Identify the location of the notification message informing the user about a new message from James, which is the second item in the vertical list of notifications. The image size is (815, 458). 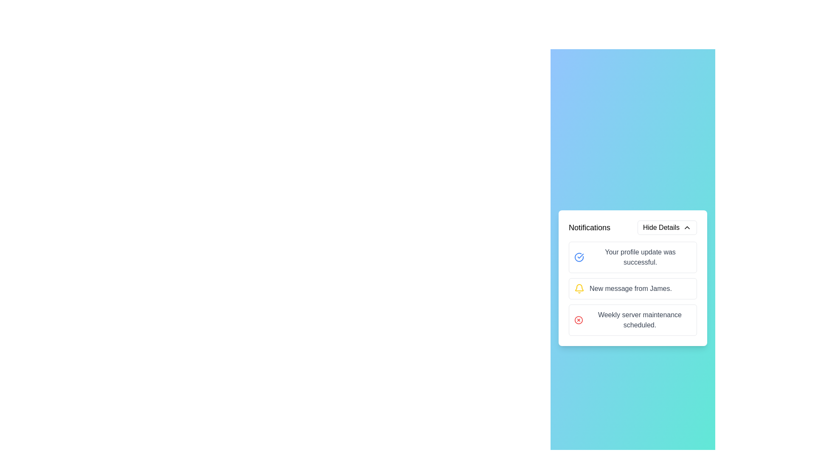
(630, 288).